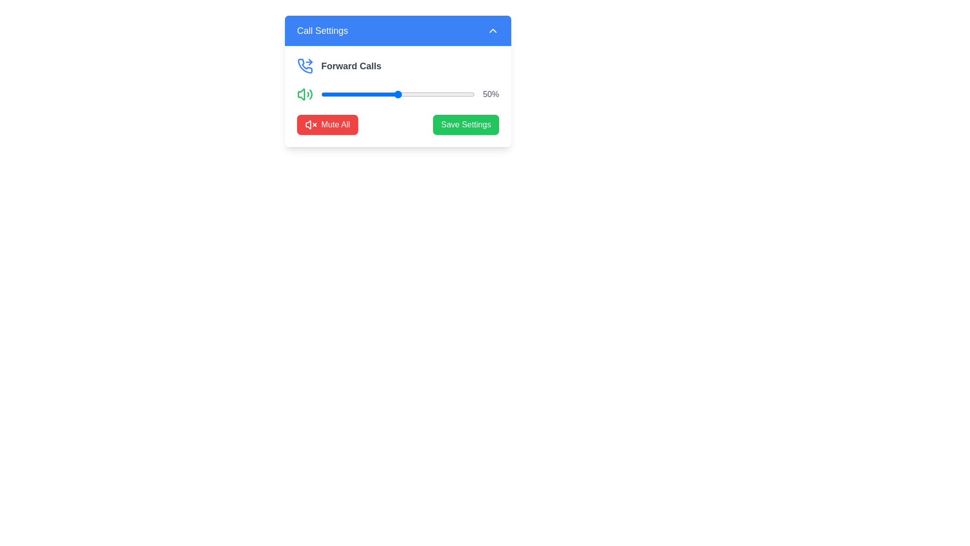 This screenshot has height=546, width=970. Describe the element at coordinates (327, 94) in the screenshot. I see `the volume slider` at that location.